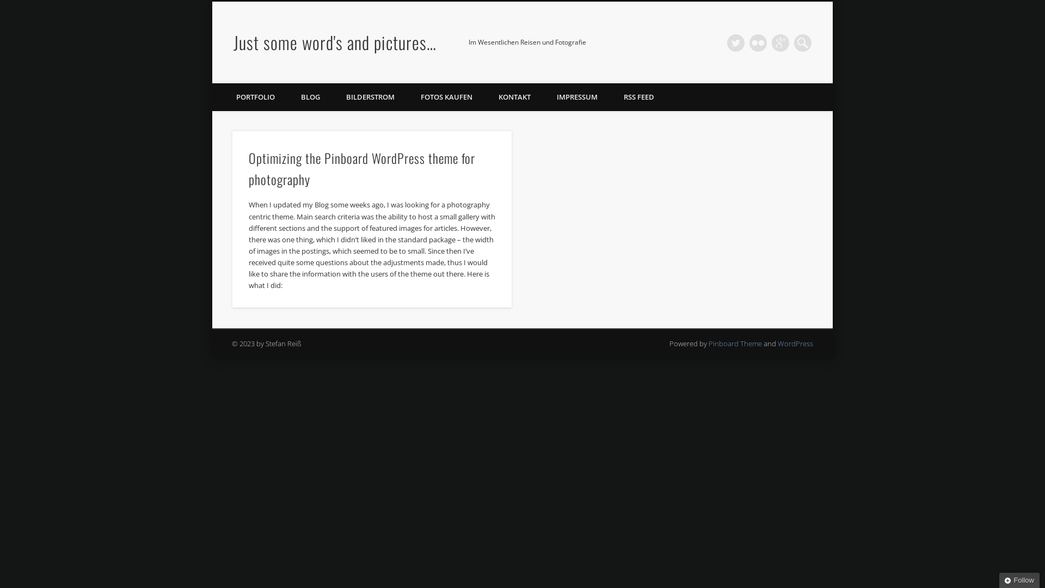  Describe the element at coordinates (736, 42) in the screenshot. I see `'Twitter'` at that location.